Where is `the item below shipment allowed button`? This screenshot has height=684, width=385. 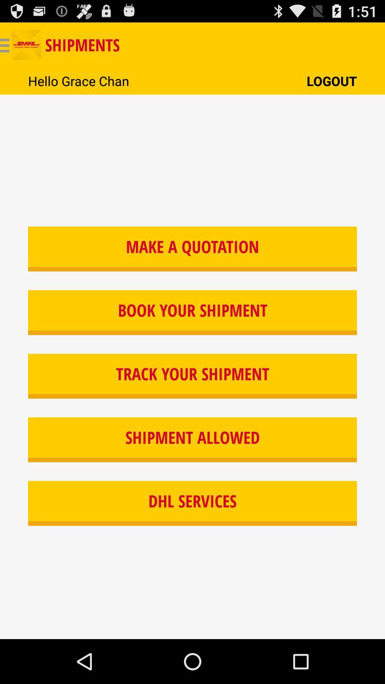
the item below shipment allowed button is located at coordinates (192, 503).